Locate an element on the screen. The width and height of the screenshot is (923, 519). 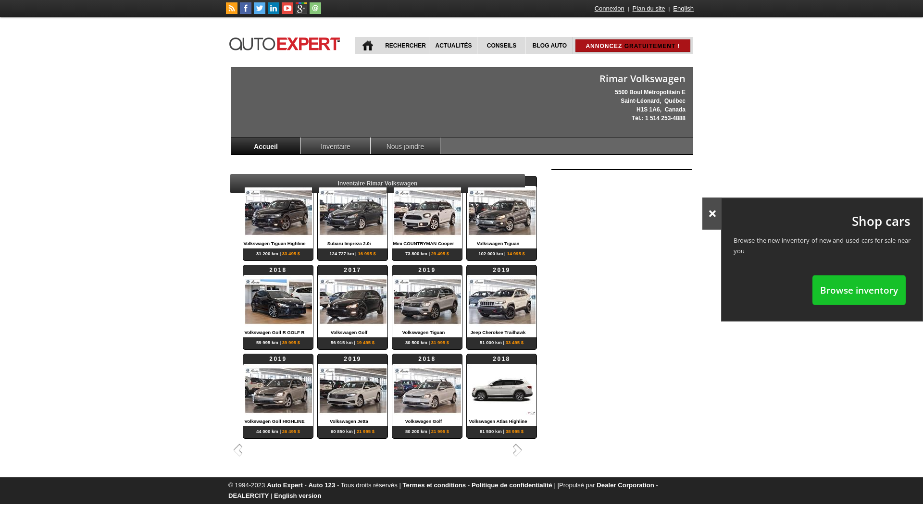
'Suivez Publications Le Guide Inc. sur LinkedIn' is located at coordinates (267, 12).